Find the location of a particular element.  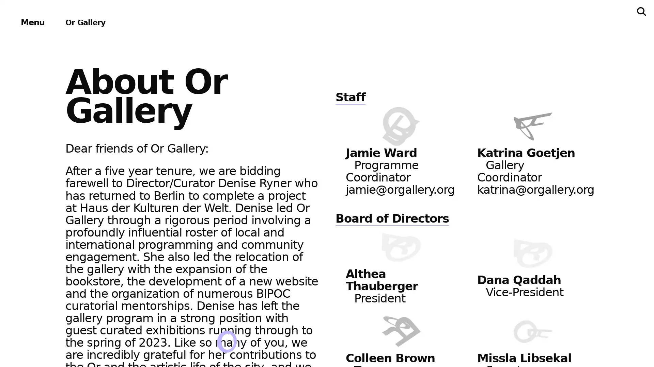

Publications & Editions is located at coordinates (148, 150).